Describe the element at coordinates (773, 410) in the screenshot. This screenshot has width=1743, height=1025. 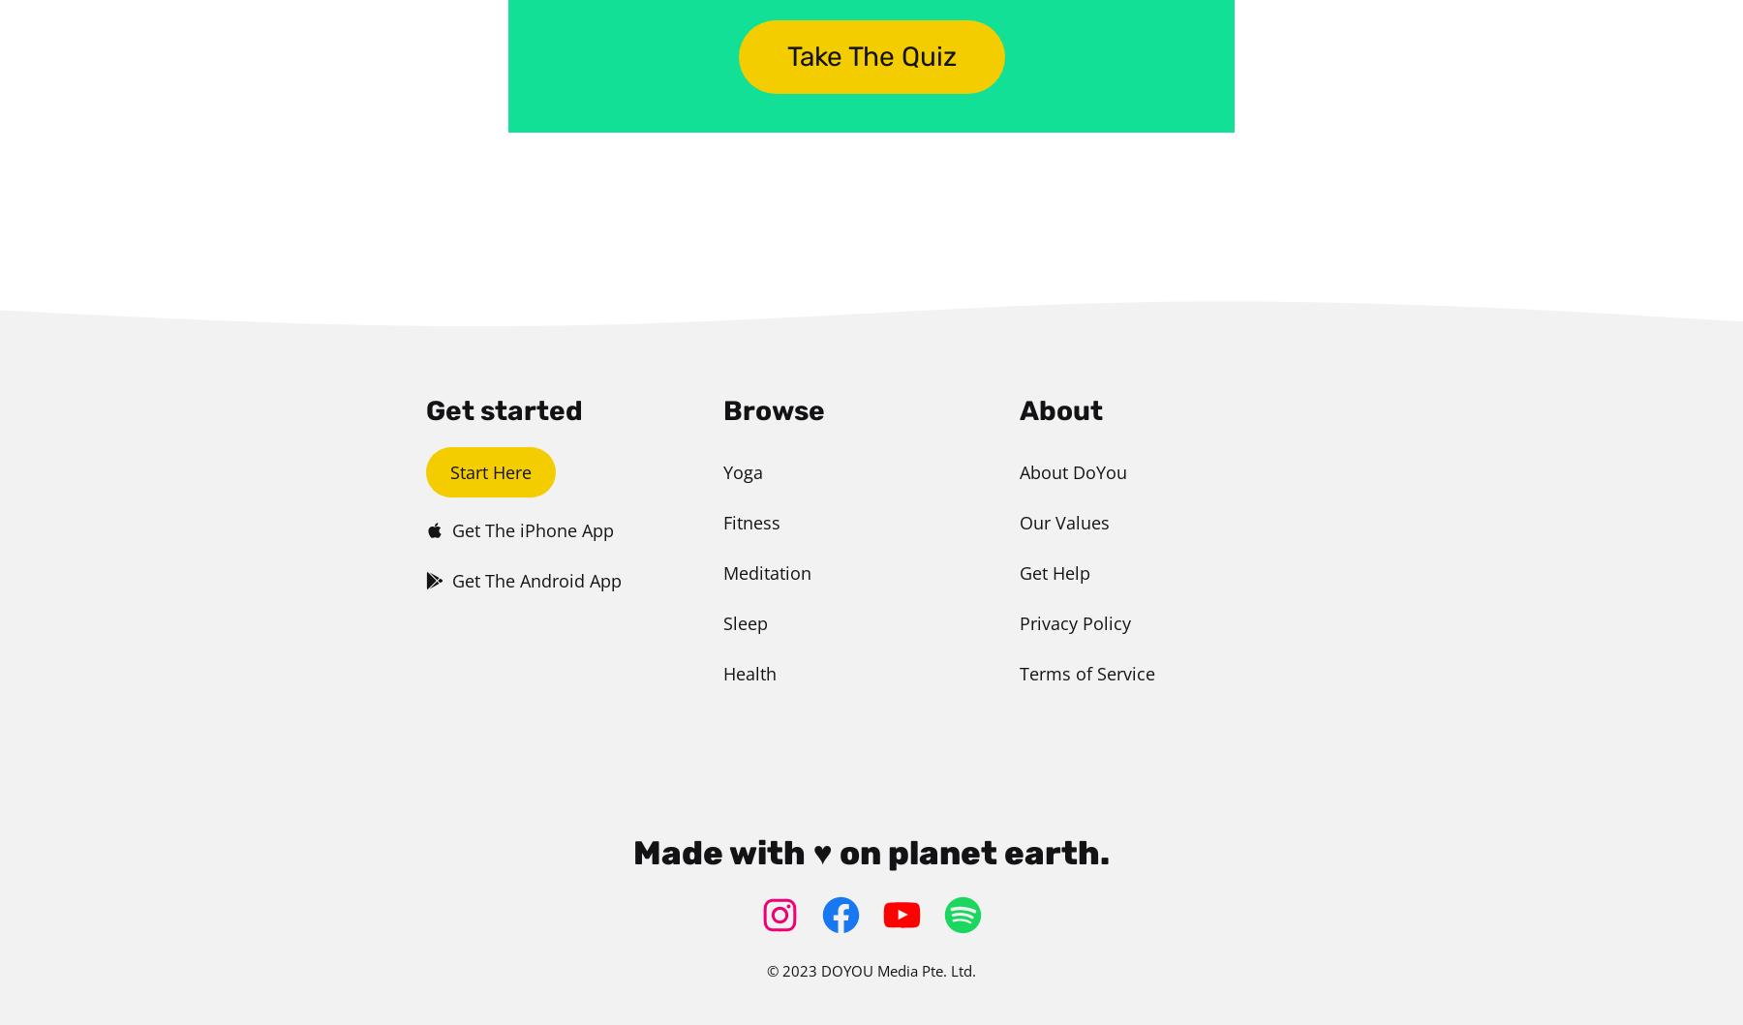
I see `'Browse'` at that location.